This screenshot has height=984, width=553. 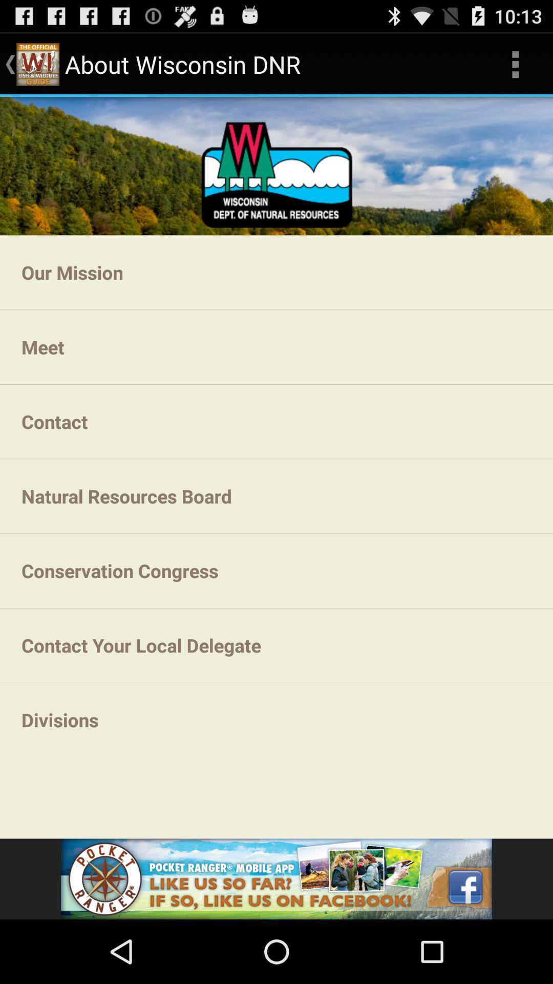 I want to click on facebook, so click(x=276, y=878).